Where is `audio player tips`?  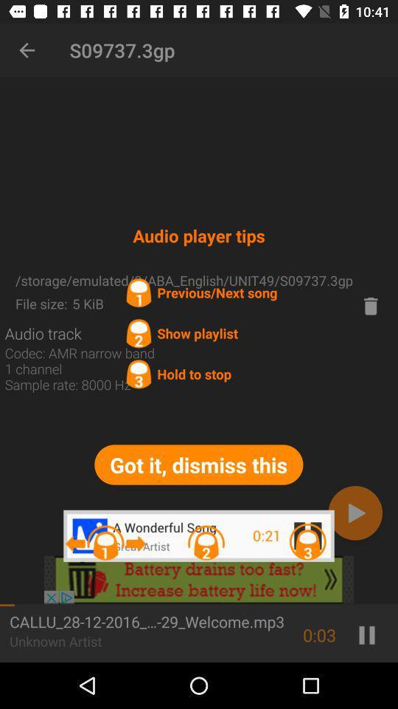
audio player tips is located at coordinates (199, 580).